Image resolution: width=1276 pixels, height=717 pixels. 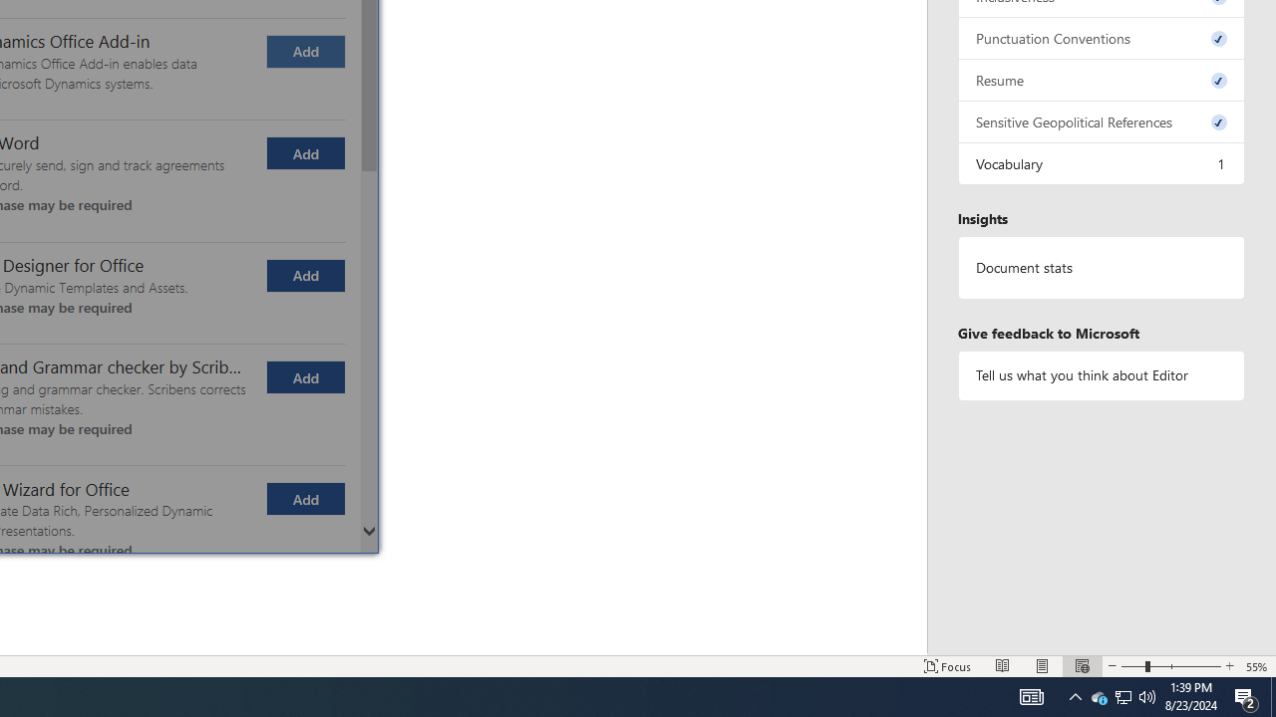 I want to click on 'Resume, 0 issues. Press space or enter to review items.', so click(x=1101, y=79).